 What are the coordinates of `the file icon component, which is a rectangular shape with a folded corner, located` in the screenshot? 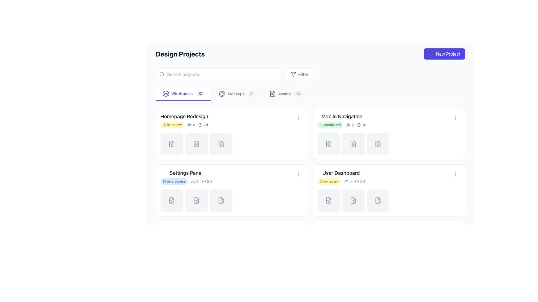 It's located at (328, 144).